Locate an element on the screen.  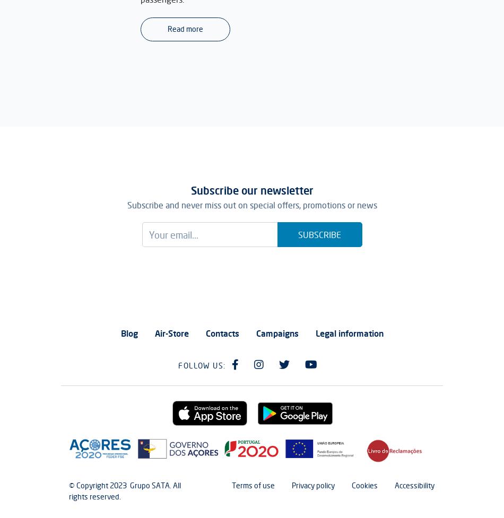
'Privacy policy' is located at coordinates (313, 484).